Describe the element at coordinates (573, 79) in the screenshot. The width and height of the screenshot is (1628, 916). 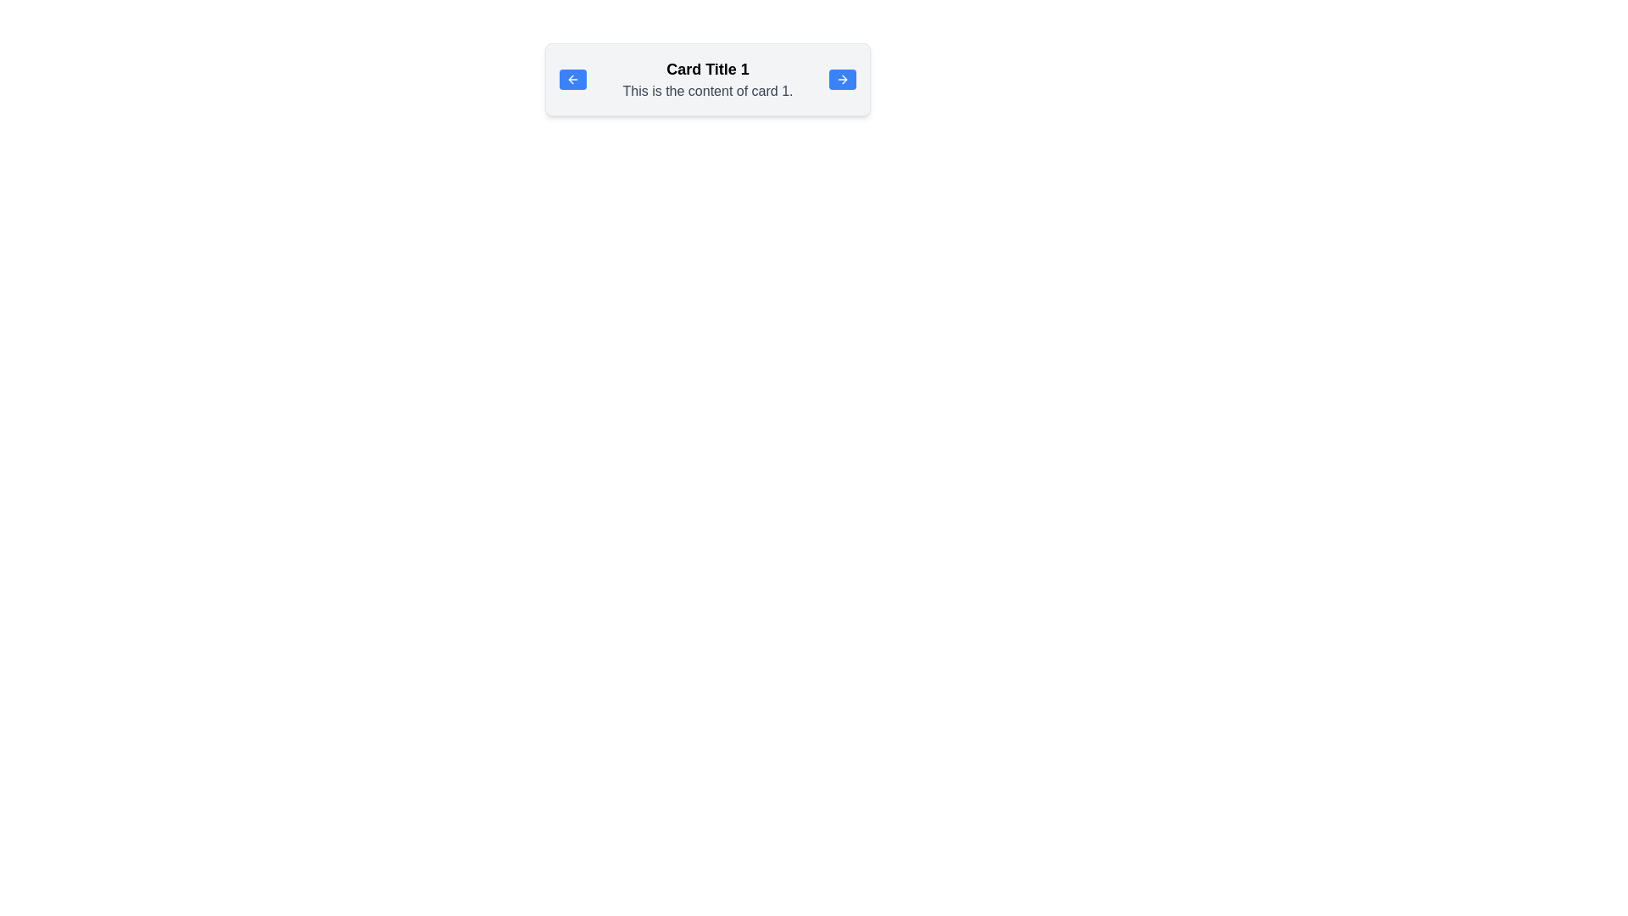
I see `the leftward-pointing arrow icon with a minimalist design on a blue background, located to the left of the blue button within the card component` at that location.